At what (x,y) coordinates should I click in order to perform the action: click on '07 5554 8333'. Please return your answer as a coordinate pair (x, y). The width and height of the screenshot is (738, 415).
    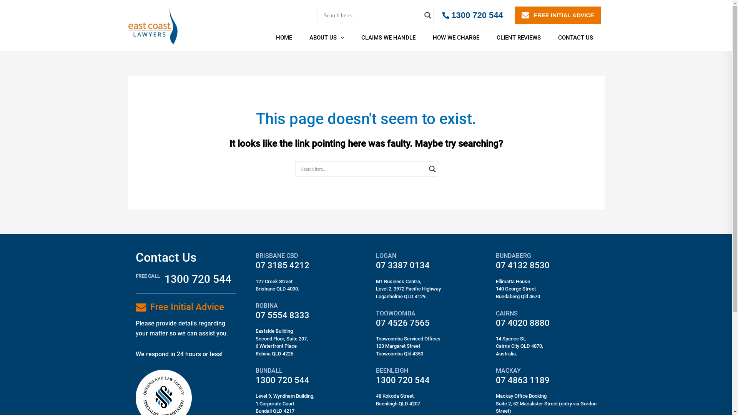
    Looking at the image, I should click on (282, 315).